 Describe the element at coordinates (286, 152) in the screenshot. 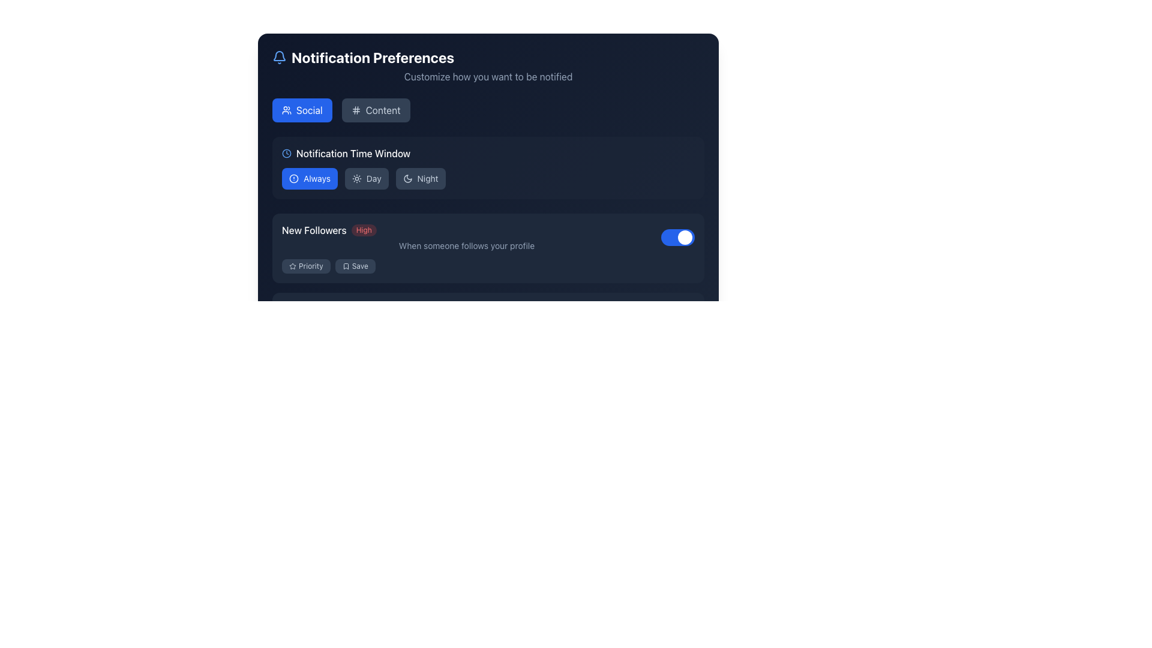

I see `the small circular icon with a blue outline and clock shape inside, located to the left of 'Notification Time Window' in the 'Notification Preferences' section` at that location.